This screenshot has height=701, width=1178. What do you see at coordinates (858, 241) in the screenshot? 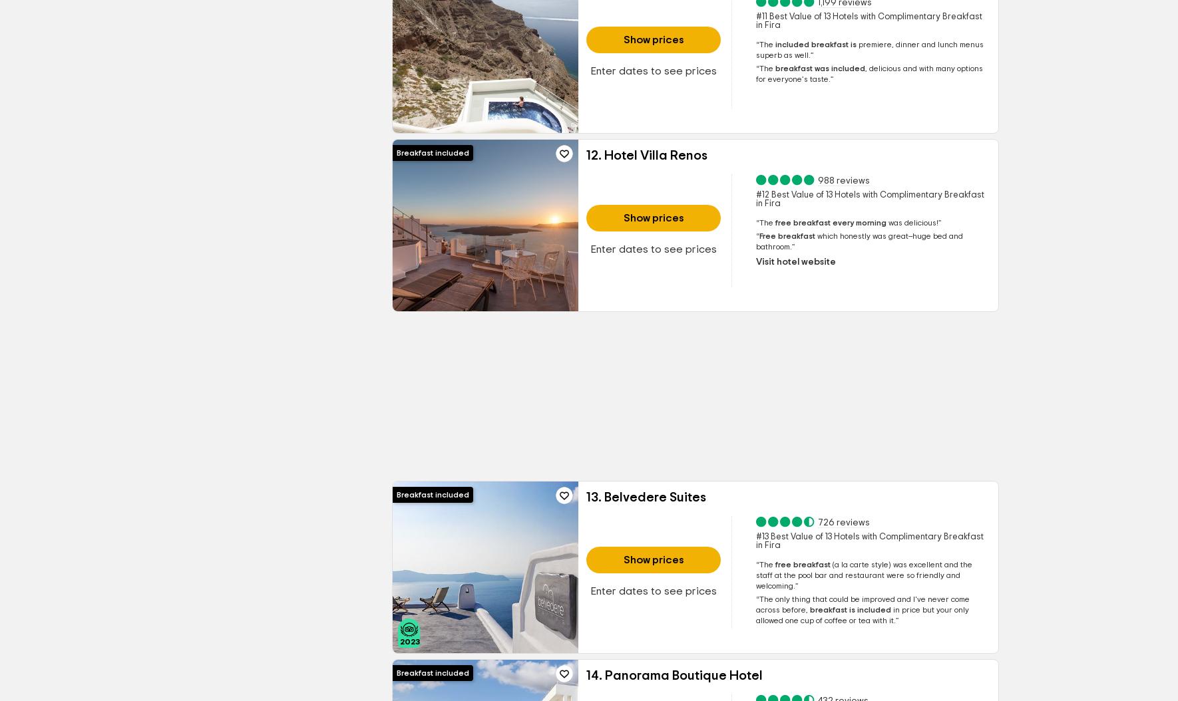
I see `'and bathroom.'` at bounding box center [858, 241].